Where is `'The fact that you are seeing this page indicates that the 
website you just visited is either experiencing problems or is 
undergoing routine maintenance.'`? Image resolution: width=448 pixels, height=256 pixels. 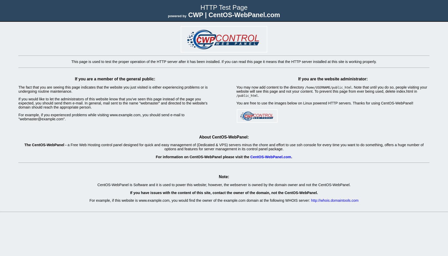 'The fact that you are seeing this page indicates that the 
website you just visited is either experiencing problems or is 
undergoing routine maintenance.' is located at coordinates (113, 89).